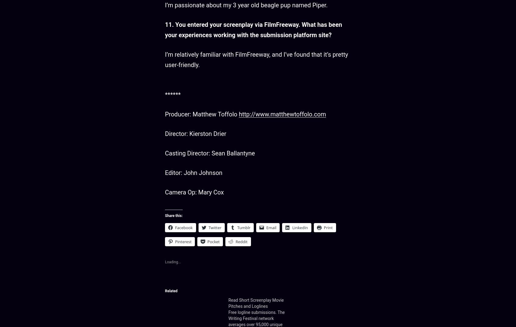  I want to click on 'Twitter', so click(208, 227).